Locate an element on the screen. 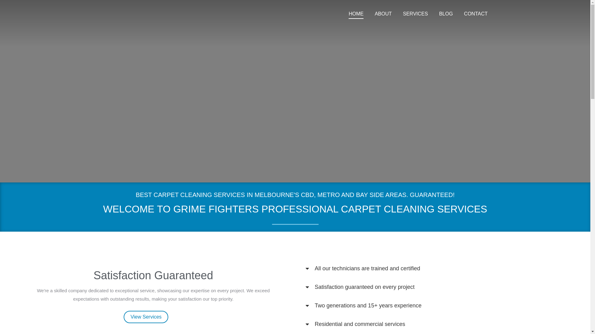 The width and height of the screenshot is (595, 334). 'SERVICES' is located at coordinates (415, 14).